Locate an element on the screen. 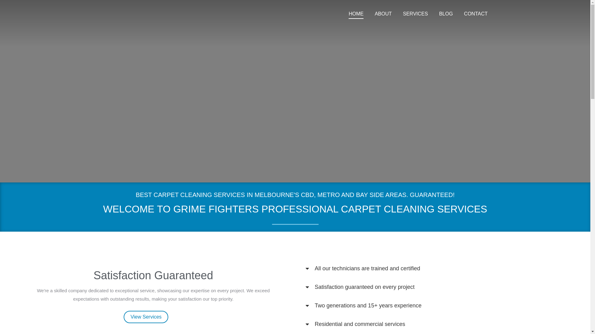 The width and height of the screenshot is (595, 334). 'SERVICES' is located at coordinates (415, 14).